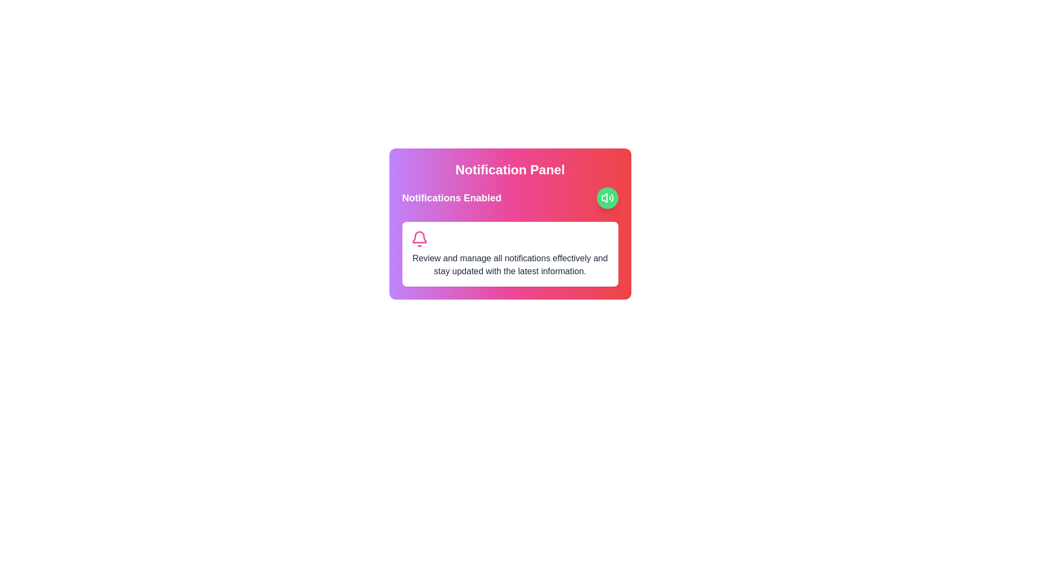 The height and width of the screenshot is (583, 1037). Describe the element at coordinates (509, 170) in the screenshot. I see `title text of the notification card, which is positioned at the top and centered horizontally within the card` at that location.